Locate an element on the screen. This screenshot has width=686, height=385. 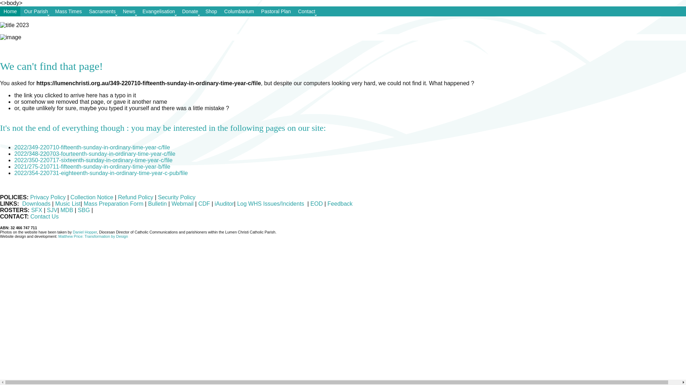
'Home' is located at coordinates (10, 11).